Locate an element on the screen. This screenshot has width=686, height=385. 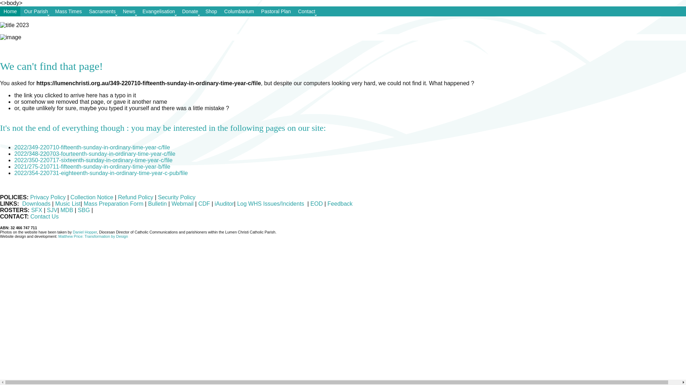
'Home' is located at coordinates (10, 11).